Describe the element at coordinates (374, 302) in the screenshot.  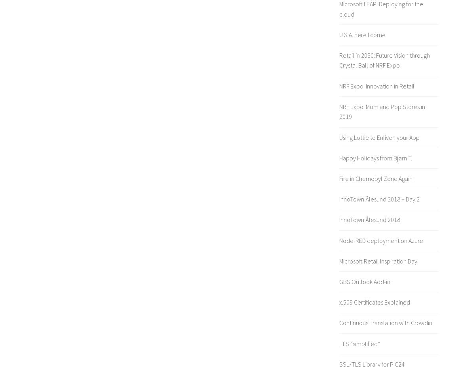
I see `'x.509 Certificates Explained'` at that location.